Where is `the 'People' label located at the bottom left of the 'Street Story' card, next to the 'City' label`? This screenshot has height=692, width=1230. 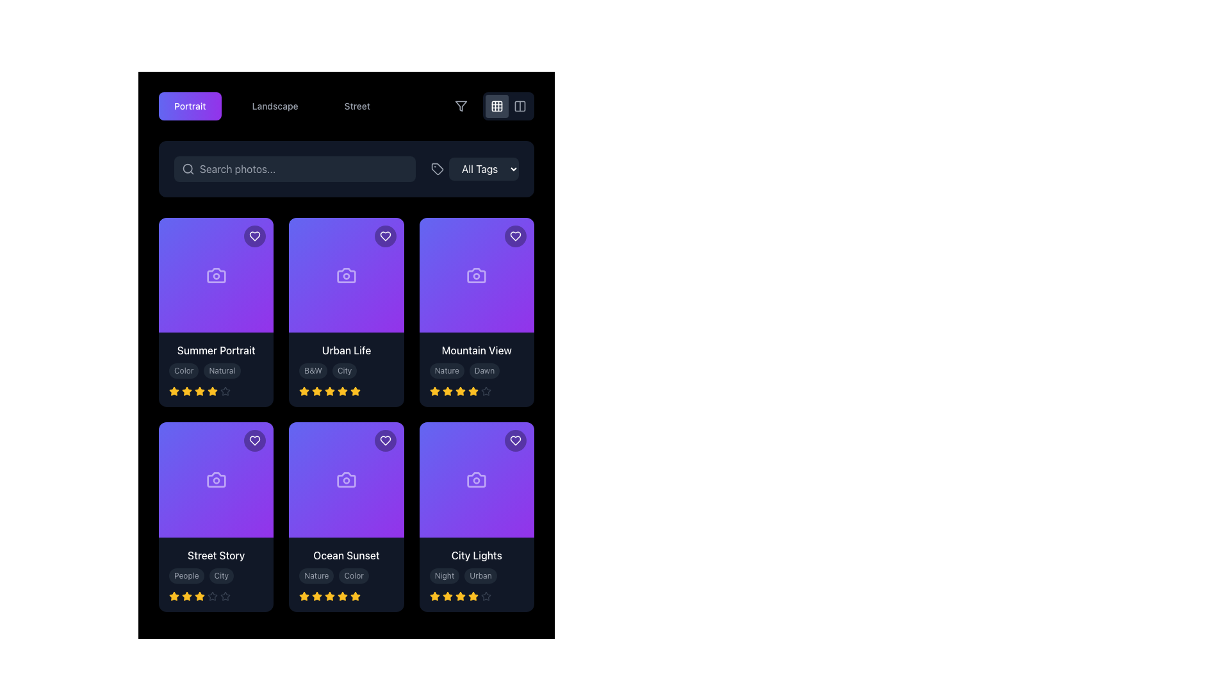 the 'People' label located at the bottom left of the 'Street Story' card, next to the 'City' label is located at coordinates (186, 575).